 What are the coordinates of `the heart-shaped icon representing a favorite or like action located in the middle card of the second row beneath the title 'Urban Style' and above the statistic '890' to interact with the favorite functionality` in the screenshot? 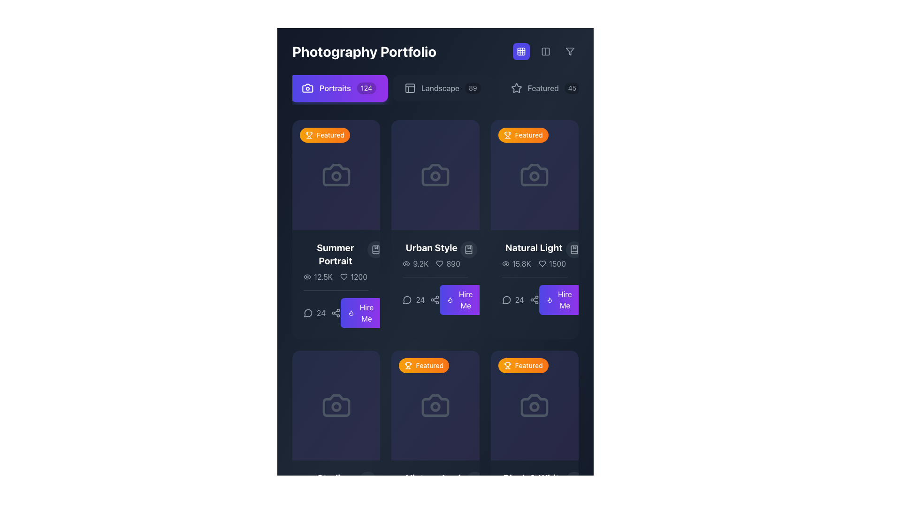 It's located at (439, 264).